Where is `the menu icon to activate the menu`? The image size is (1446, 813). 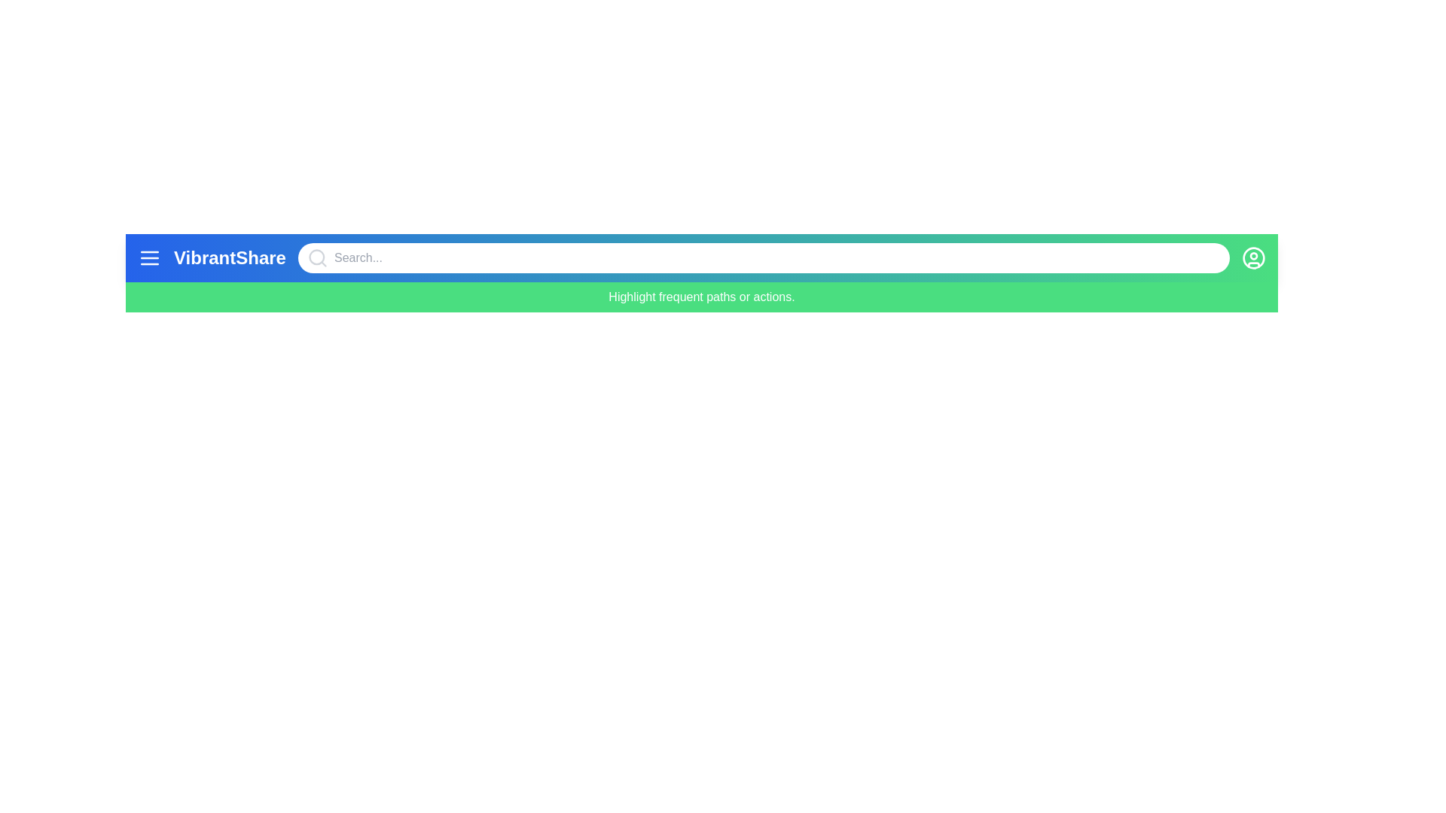
the menu icon to activate the menu is located at coordinates (149, 257).